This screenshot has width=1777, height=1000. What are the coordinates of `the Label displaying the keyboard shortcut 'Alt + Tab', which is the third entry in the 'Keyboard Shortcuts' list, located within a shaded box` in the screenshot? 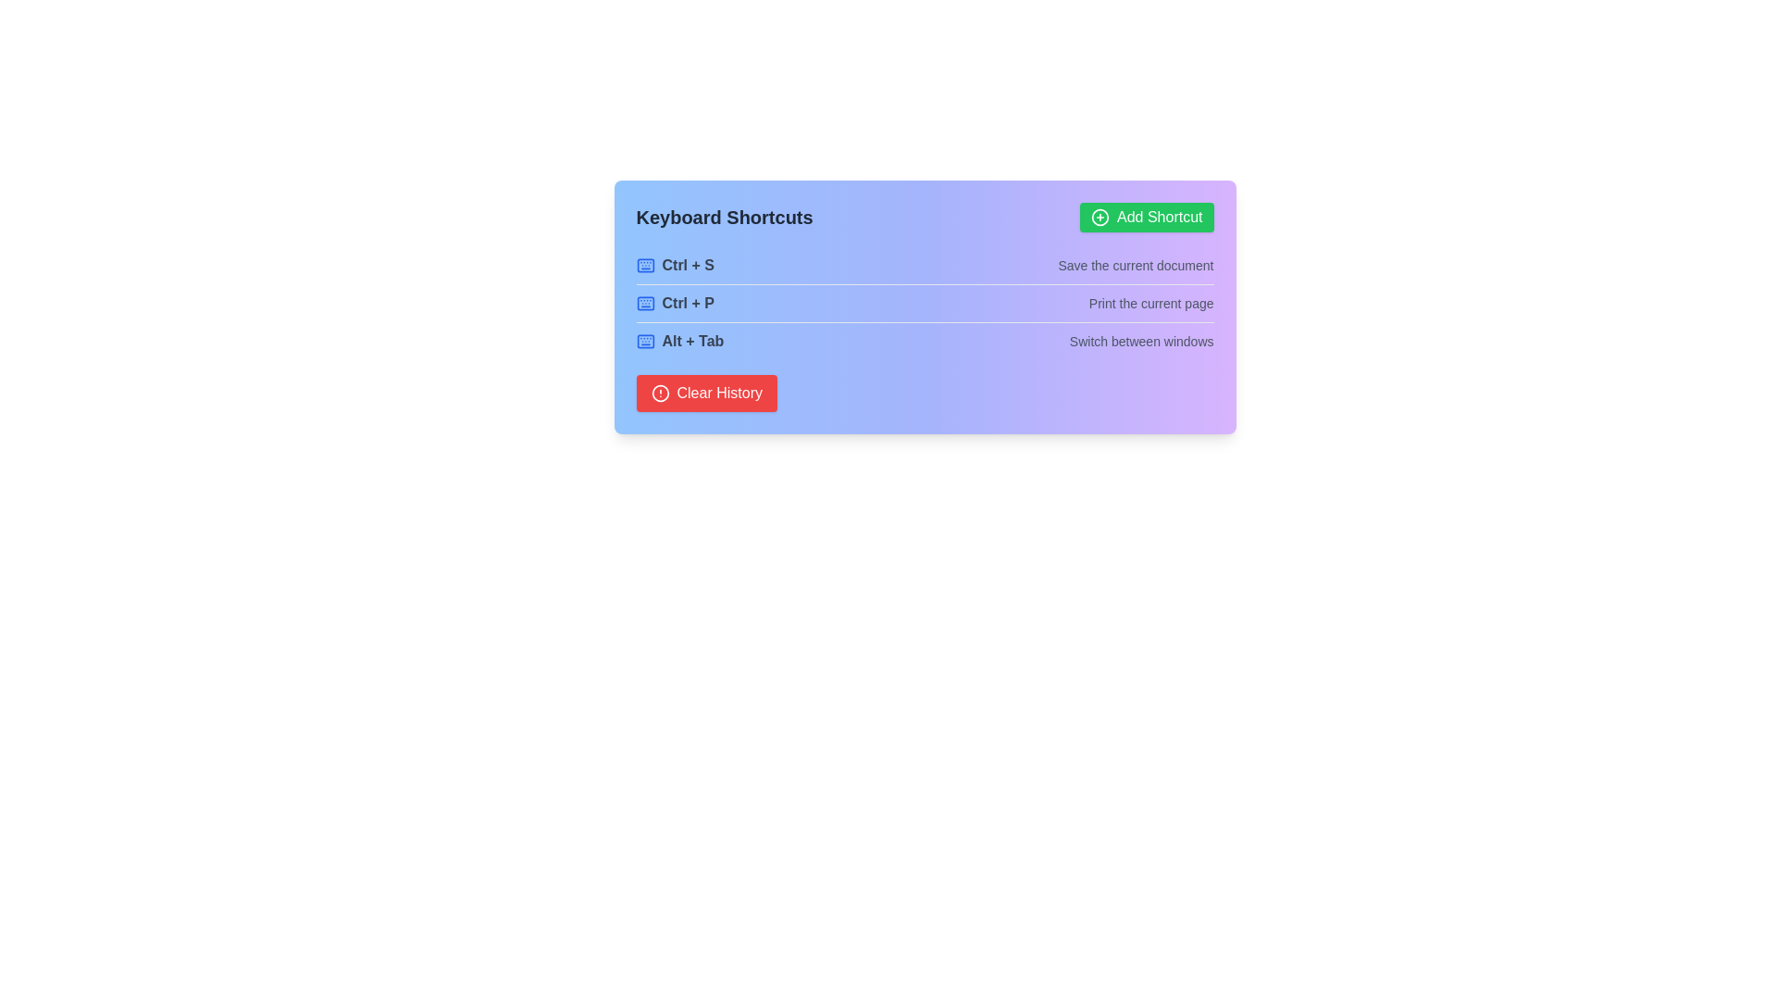 It's located at (678, 342).